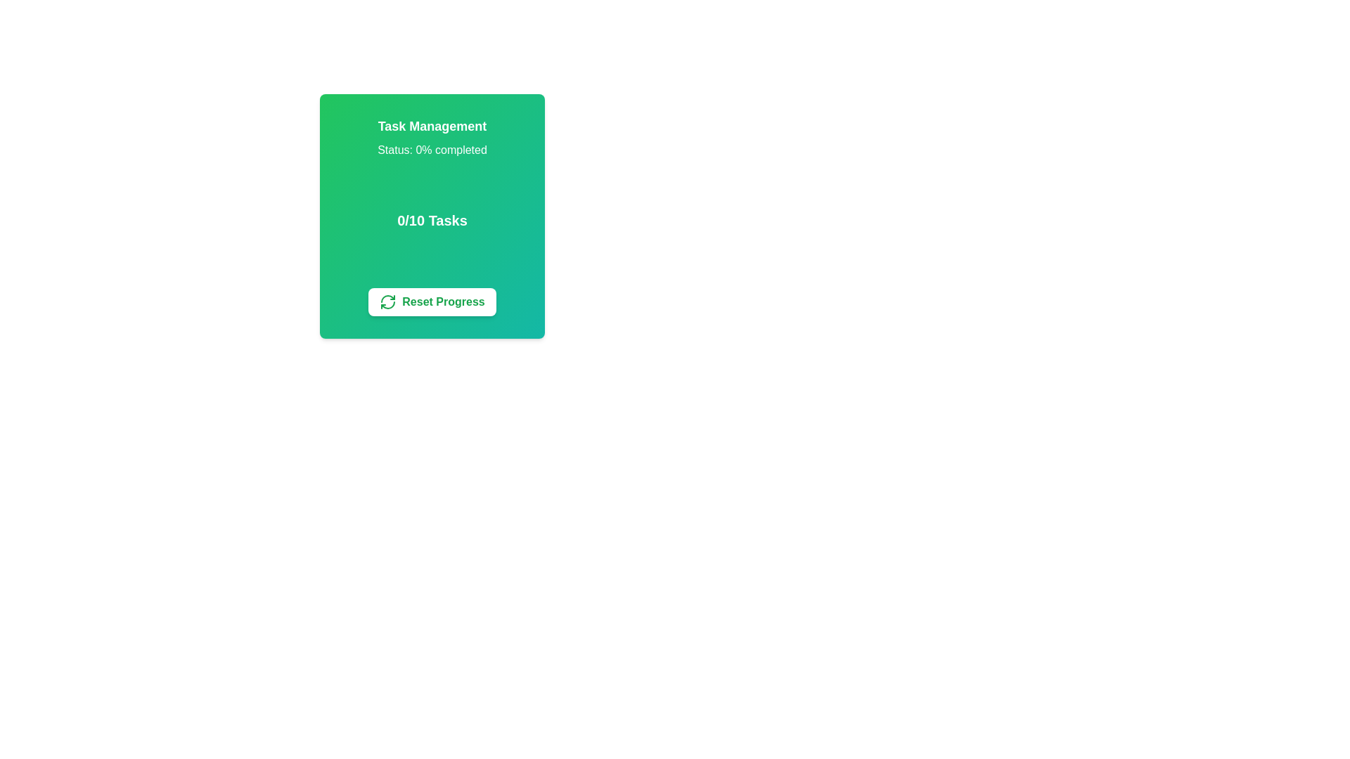 Image resolution: width=1350 pixels, height=759 pixels. What do you see at coordinates (431, 150) in the screenshot?
I see `the text label that indicates the current completion status in percentage, positioned below the 'Task Management' header and above the '0/10 Tasks' element` at bounding box center [431, 150].